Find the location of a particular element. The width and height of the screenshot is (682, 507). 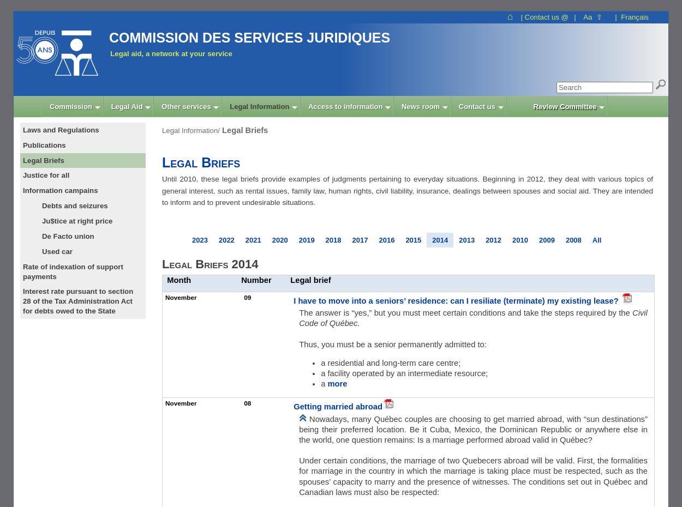

'Ju$tice at right price' is located at coordinates (41, 221).